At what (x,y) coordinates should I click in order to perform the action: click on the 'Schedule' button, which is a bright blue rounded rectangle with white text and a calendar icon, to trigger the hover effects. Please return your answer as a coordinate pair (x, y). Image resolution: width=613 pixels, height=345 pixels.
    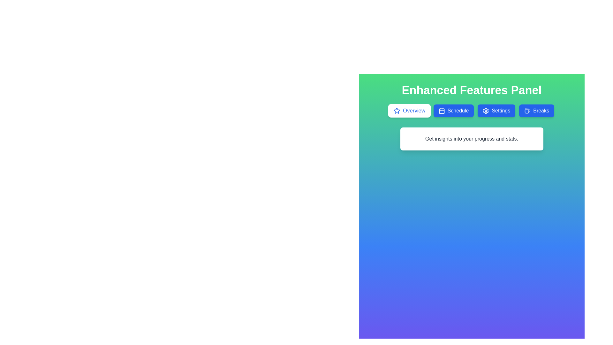
    Looking at the image, I should click on (453, 111).